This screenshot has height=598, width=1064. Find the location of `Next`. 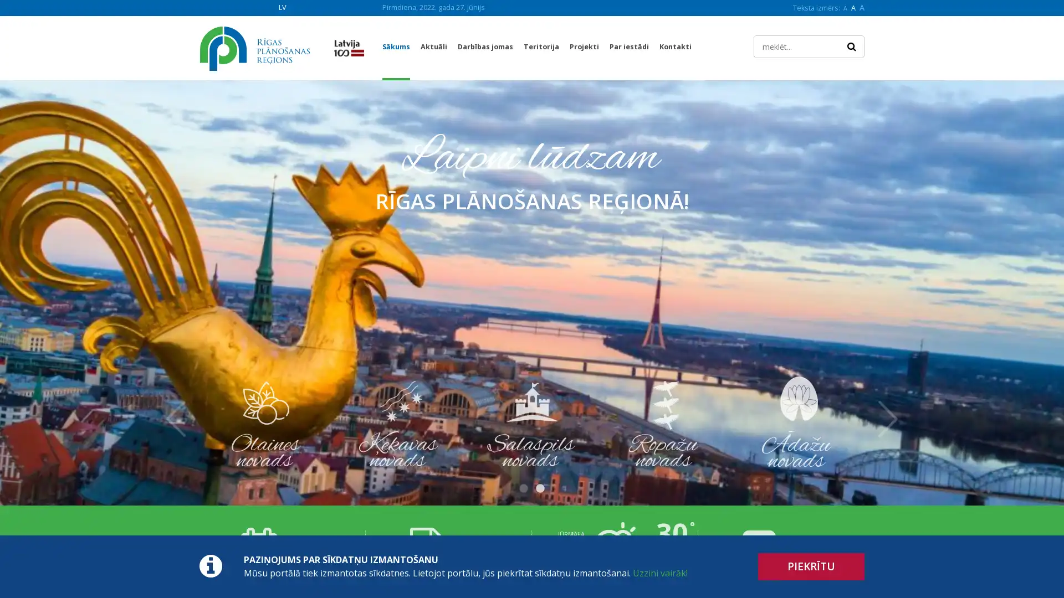

Next is located at coordinates (888, 419).